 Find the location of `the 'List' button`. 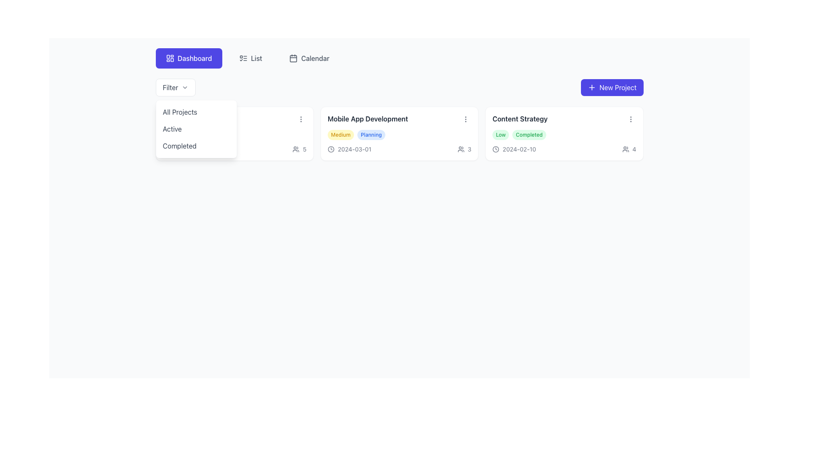

the 'List' button is located at coordinates (250, 58).